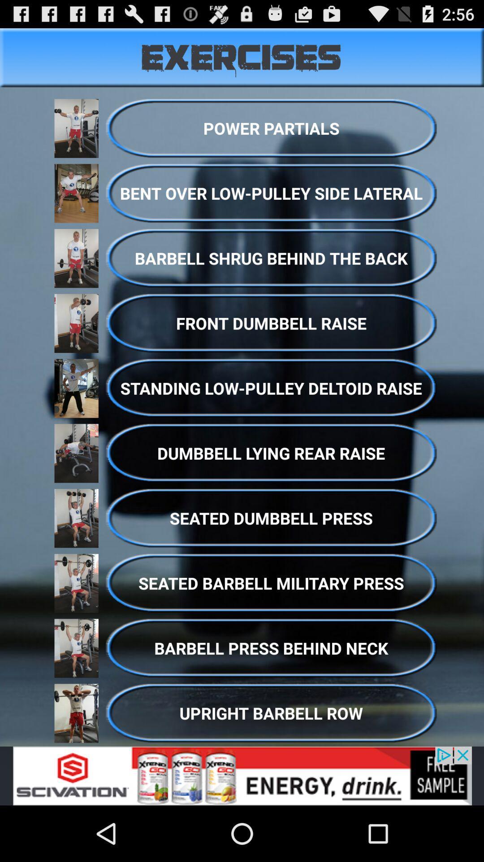 The height and width of the screenshot is (862, 484). Describe the element at coordinates (271, 453) in the screenshot. I see `dumbbeel lying rear raise option above seated dumbbell press on the page` at that location.